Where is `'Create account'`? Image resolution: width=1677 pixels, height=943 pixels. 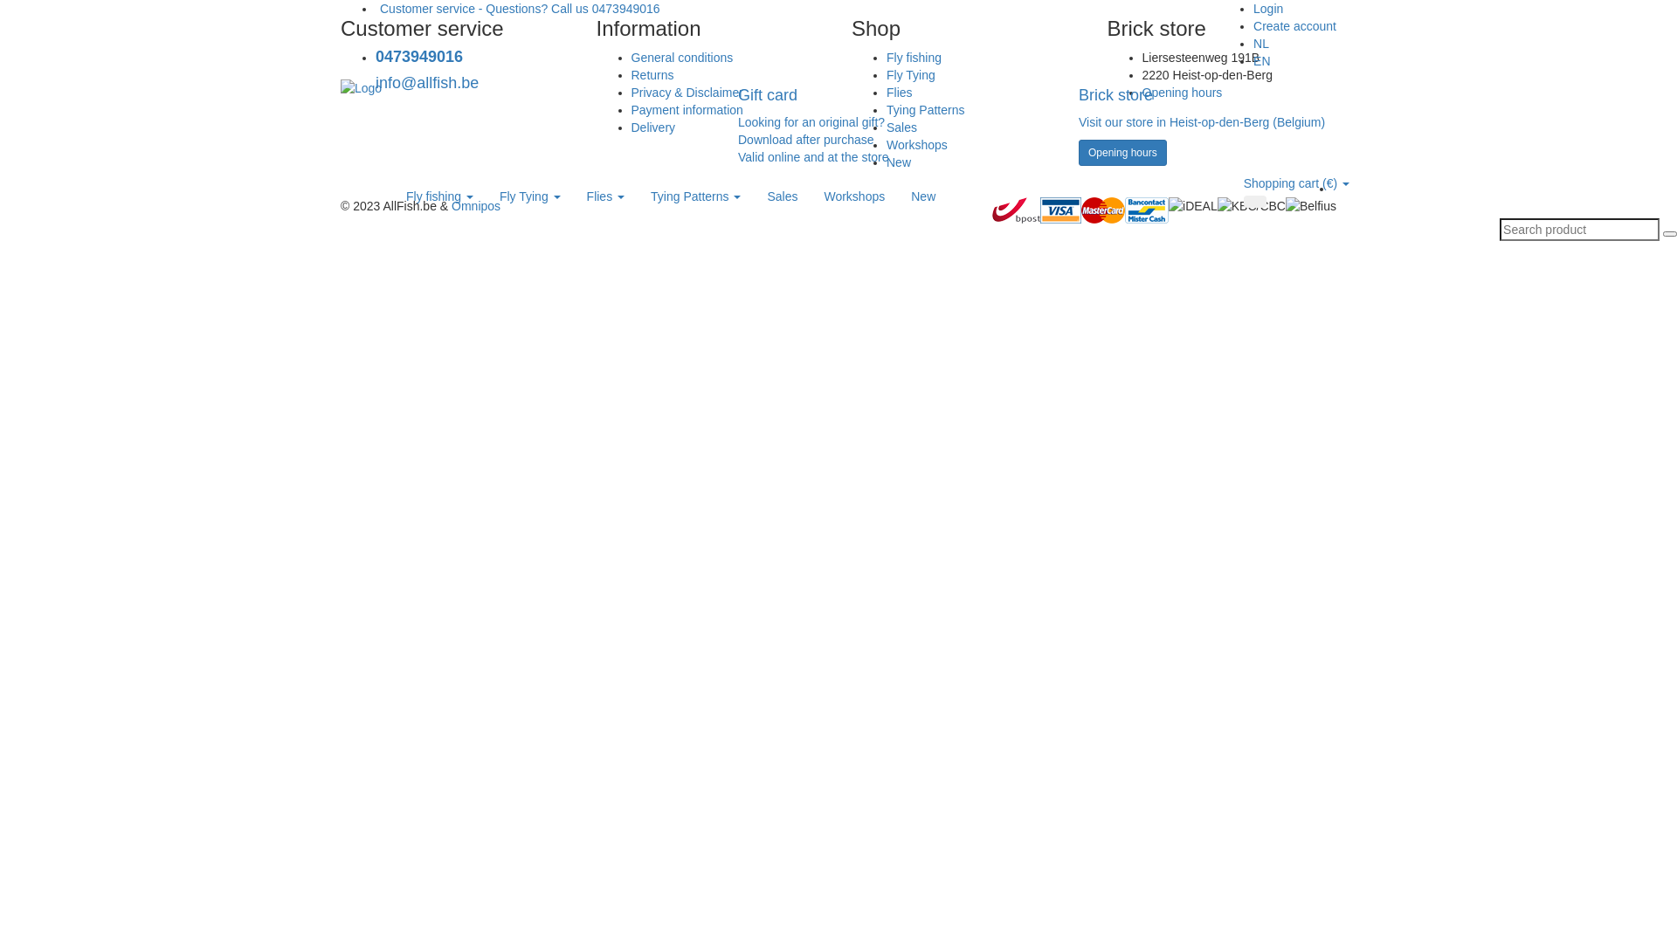 'Create account' is located at coordinates (1294, 26).